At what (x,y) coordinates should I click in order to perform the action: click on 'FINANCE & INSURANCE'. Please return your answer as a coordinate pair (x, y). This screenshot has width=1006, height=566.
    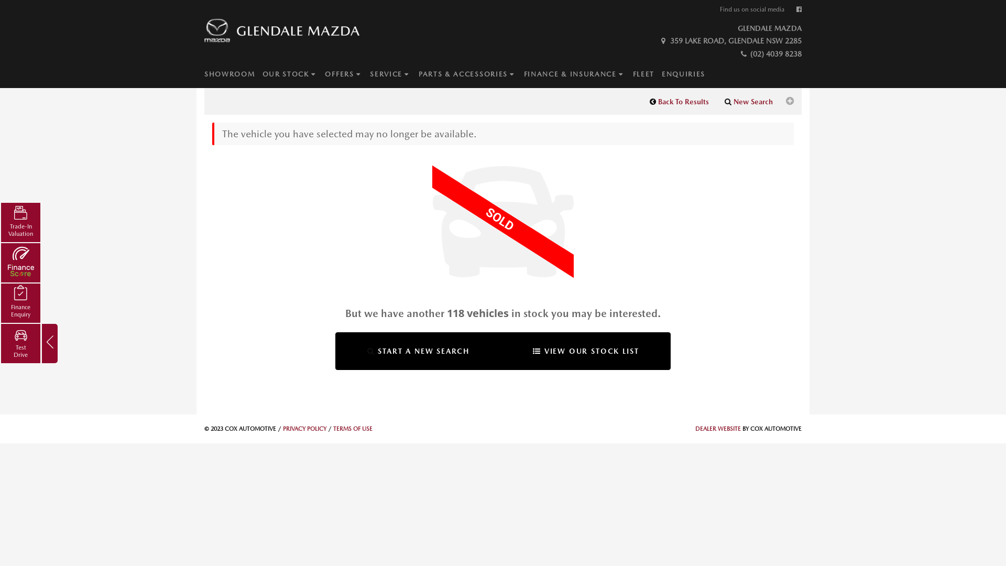
    Looking at the image, I should click on (578, 74).